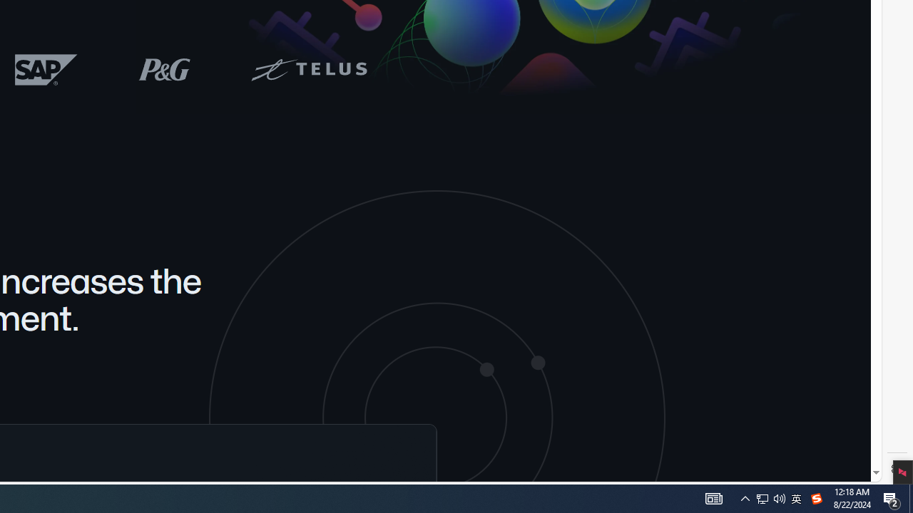  I want to click on 'Settings', so click(897, 469).